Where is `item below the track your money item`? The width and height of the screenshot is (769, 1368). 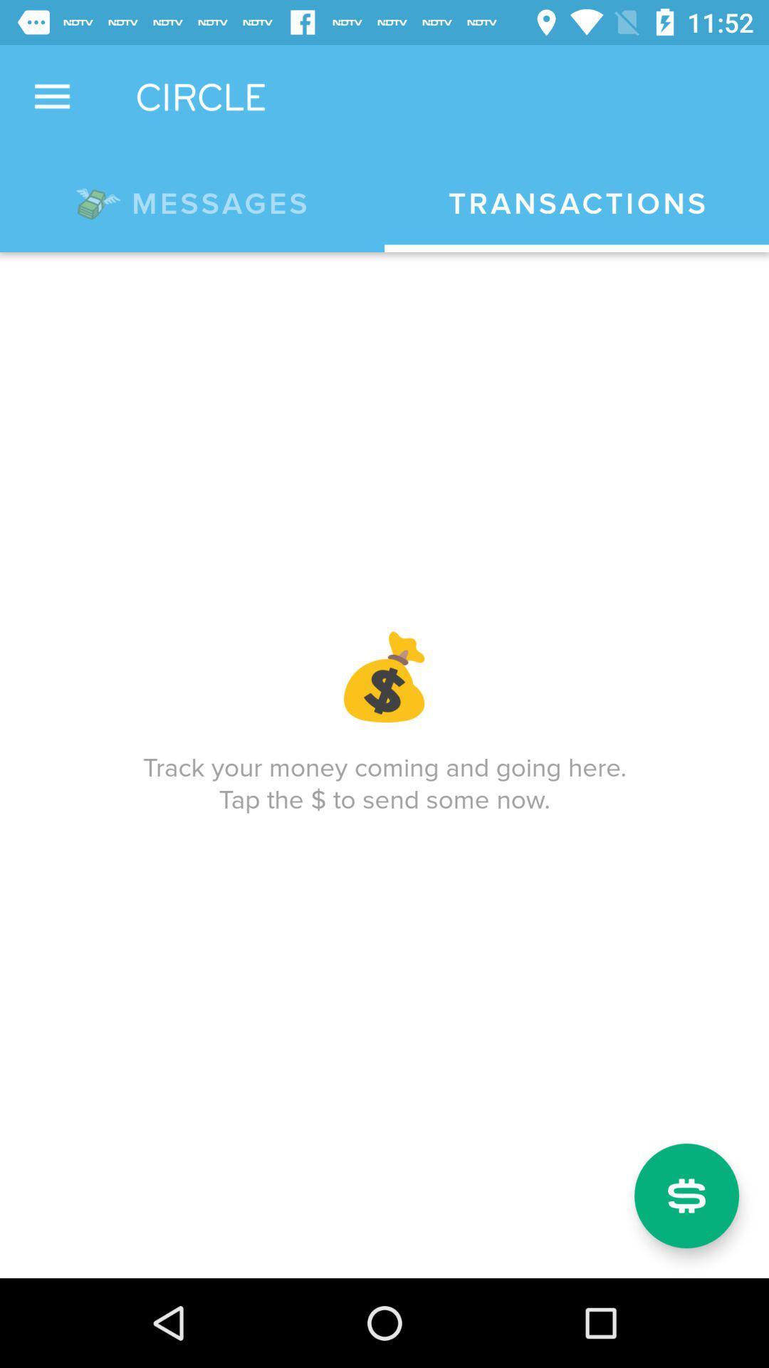
item below the track your money item is located at coordinates (686, 1196).